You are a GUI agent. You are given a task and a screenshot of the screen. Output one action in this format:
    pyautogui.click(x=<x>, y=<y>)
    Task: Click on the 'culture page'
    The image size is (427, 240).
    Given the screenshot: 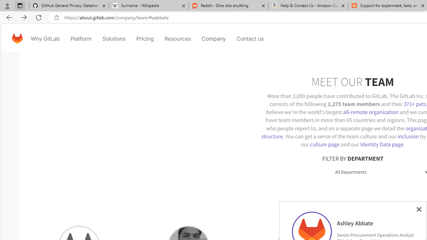 What is the action you would take?
    pyautogui.click(x=325, y=144)
    